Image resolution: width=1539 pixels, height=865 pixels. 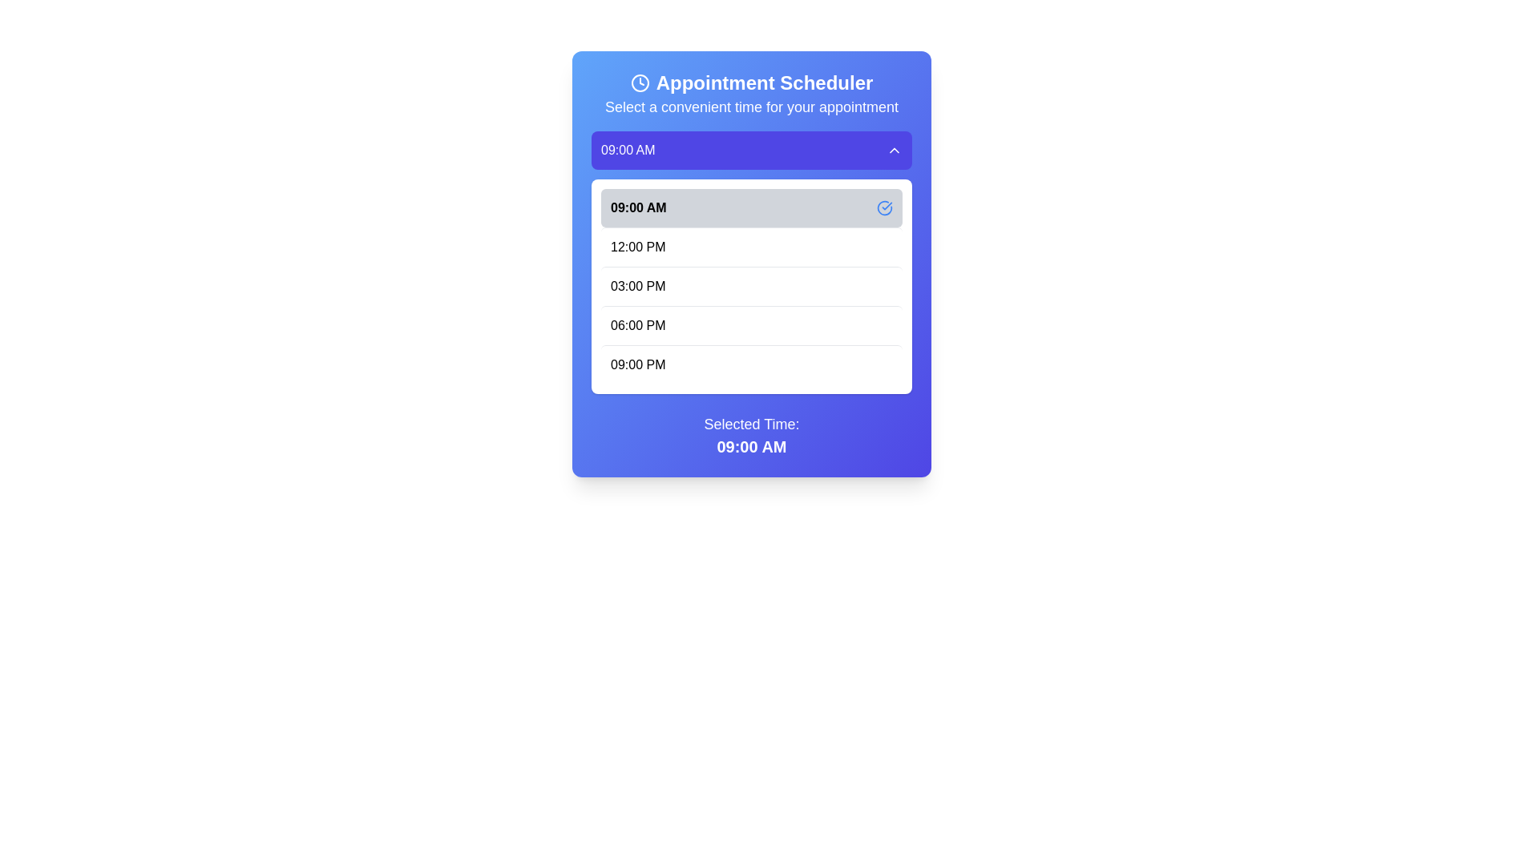 What do you see at coordinates (750, 95) in the screenshot?
I see `the Header titled 'Appointment Scheduler' with a clock icon, which is located at the top center of the card component, above the time selection dropdown` at bounding box center [750, 95].